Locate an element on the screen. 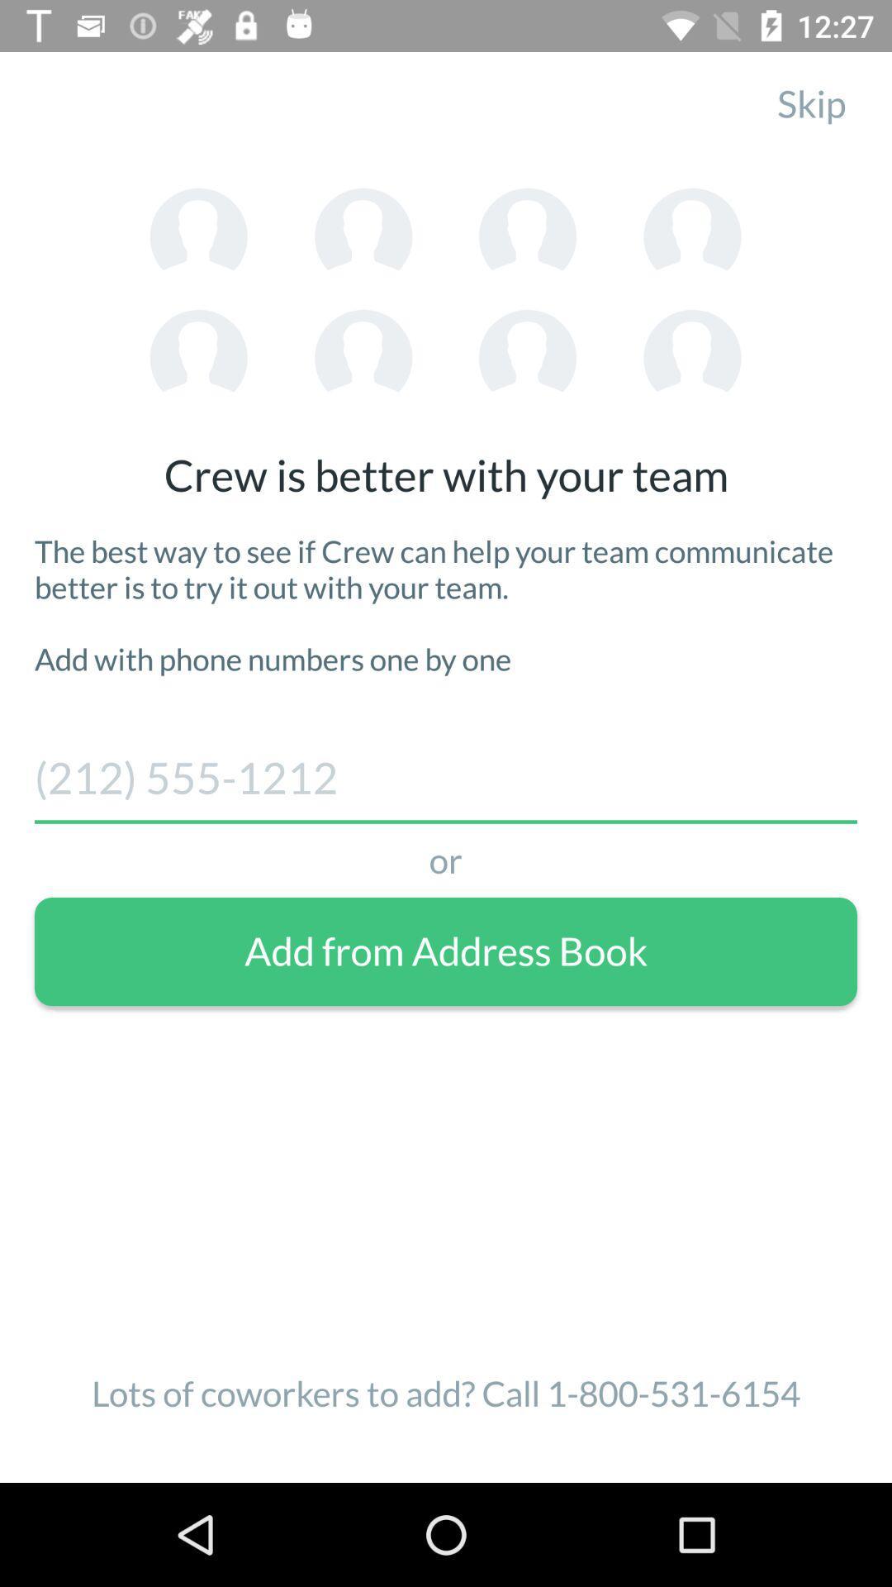 The width and height of the screenshot is (892, 1587). the icon below the or is located at coordinates (446, 951).